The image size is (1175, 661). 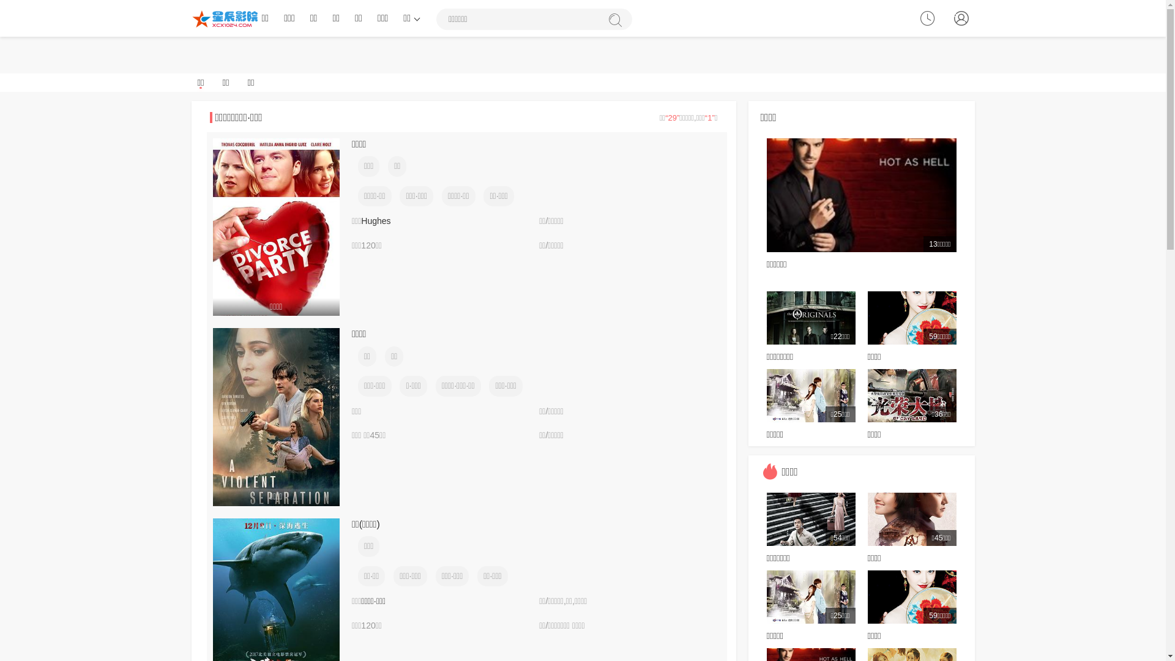 I want to click on 'Hughes', so click(x=375, y=221).